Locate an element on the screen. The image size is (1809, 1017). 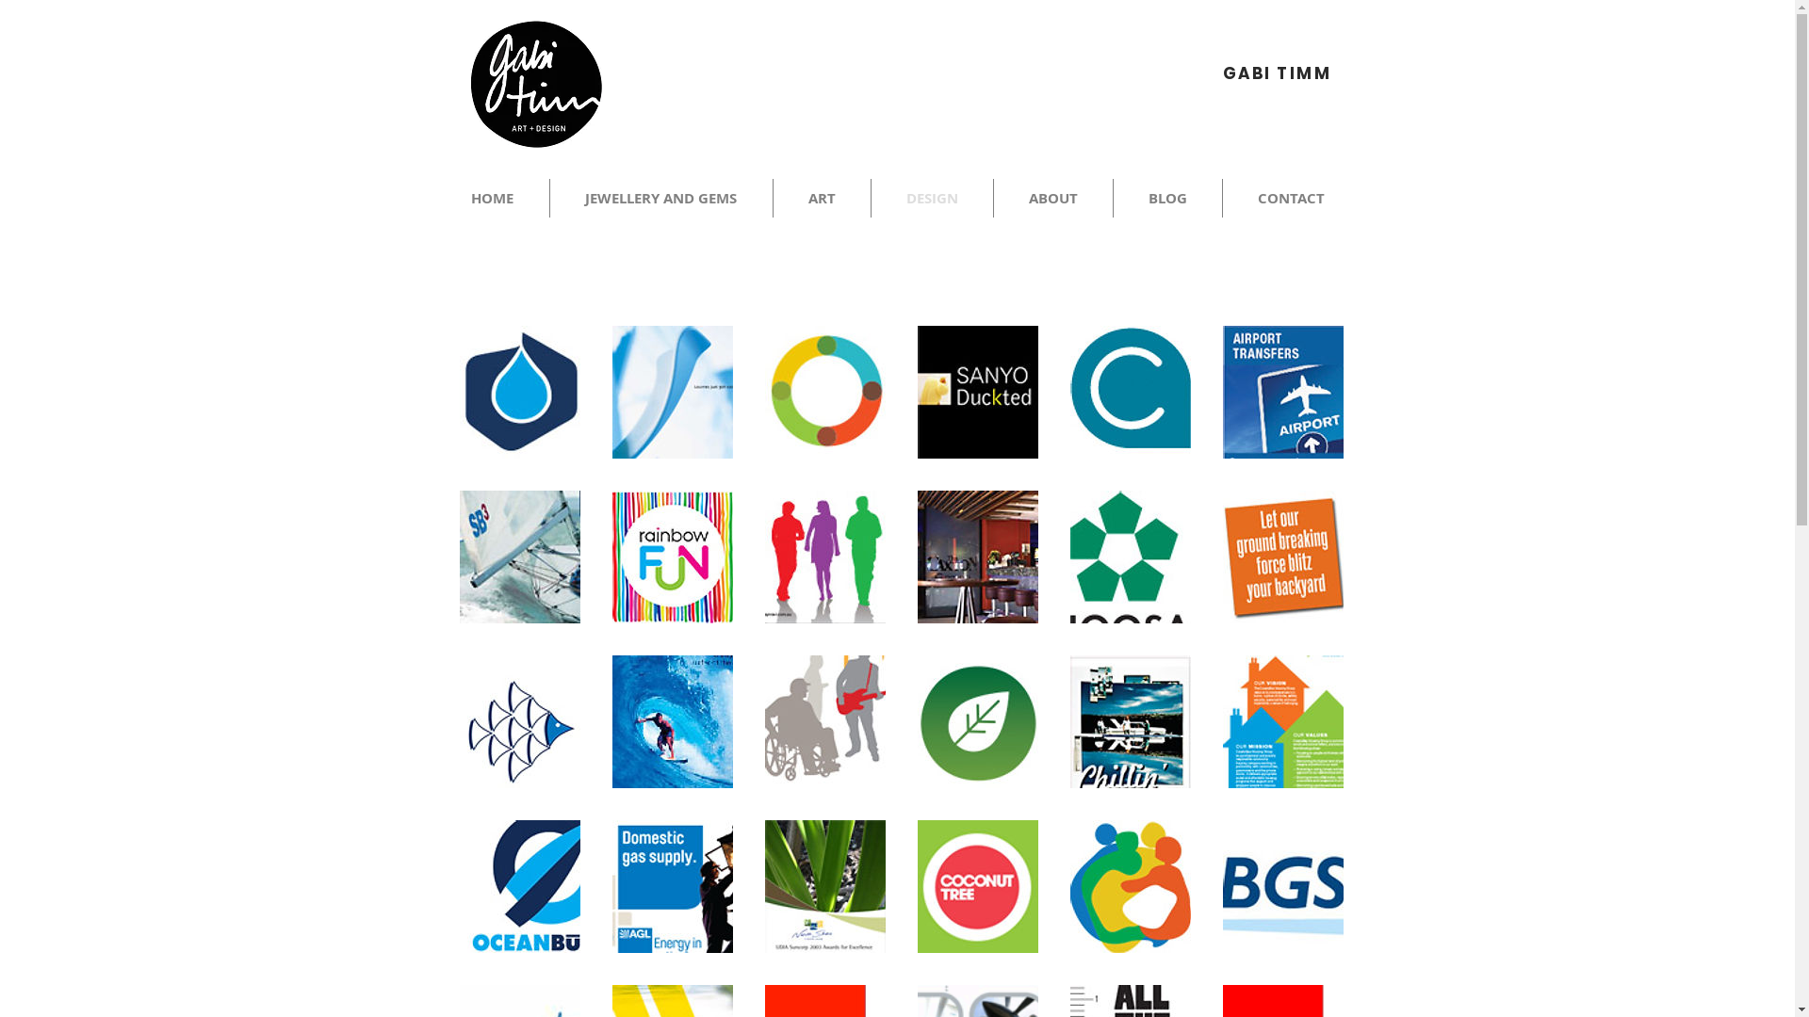
'ABOUT' is located at coordinates (992, 198).